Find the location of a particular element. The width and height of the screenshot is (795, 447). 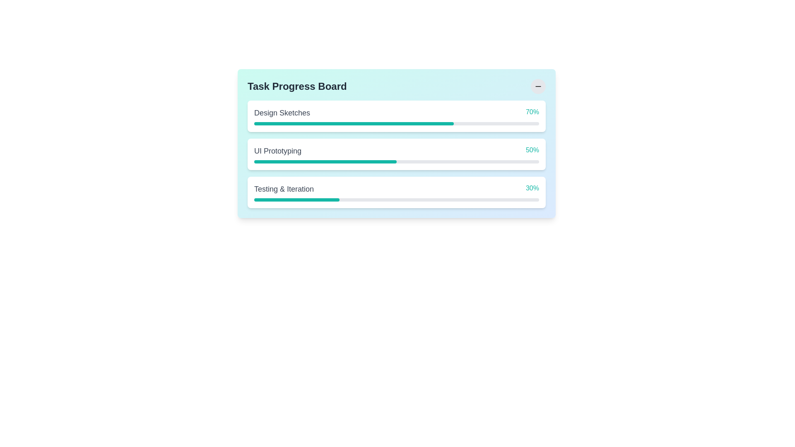

the text label displaying '50%' in teal color, positioned to the right of 'UI Prototyping' and above the progress bar is located at coordinates (532, 151).